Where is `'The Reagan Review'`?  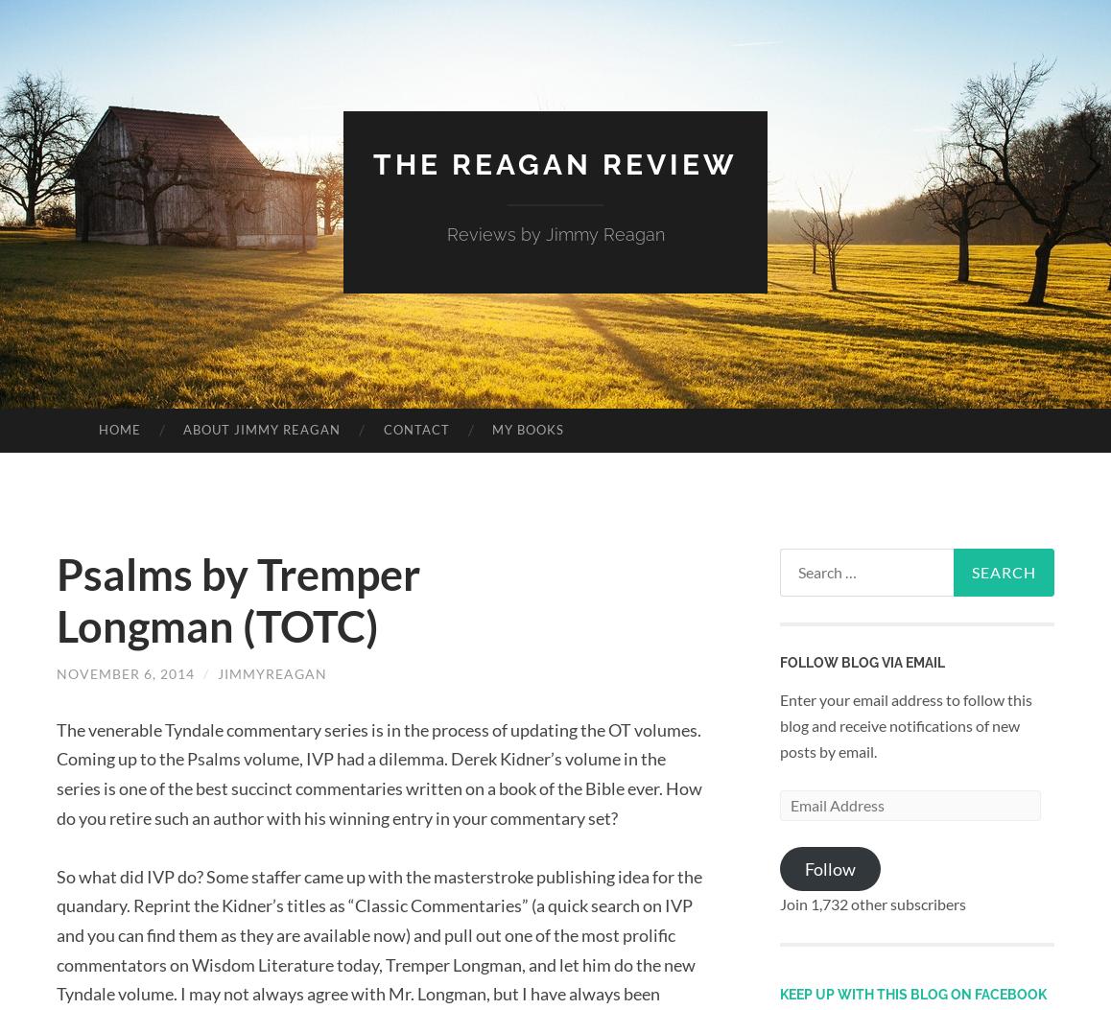 'The Reagan Review' is located at coordinates (555, 163).